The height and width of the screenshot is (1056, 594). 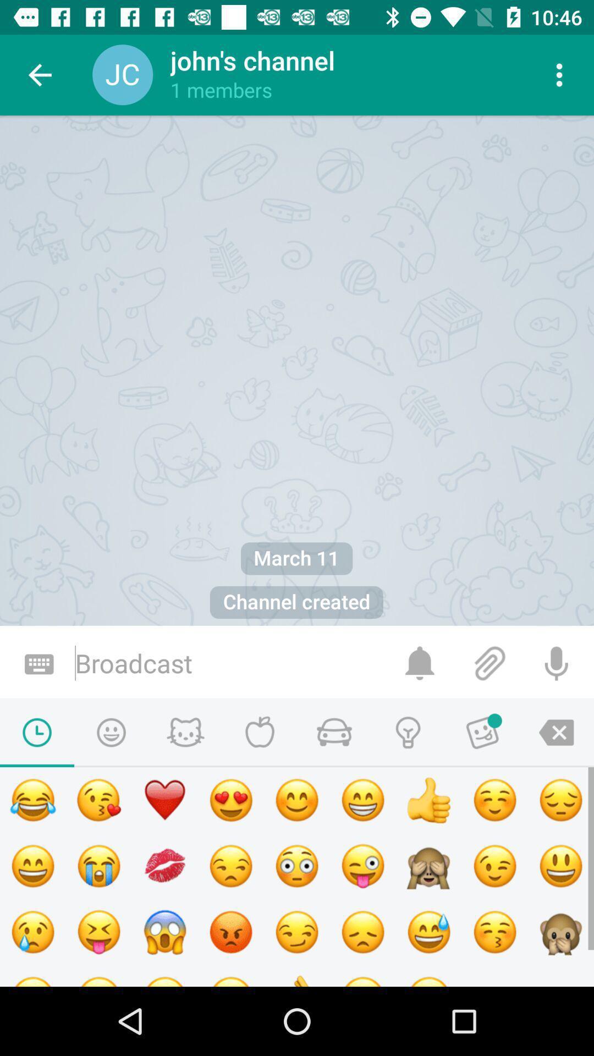 I want to click on the emoji icon, so click(x=494, y=931).